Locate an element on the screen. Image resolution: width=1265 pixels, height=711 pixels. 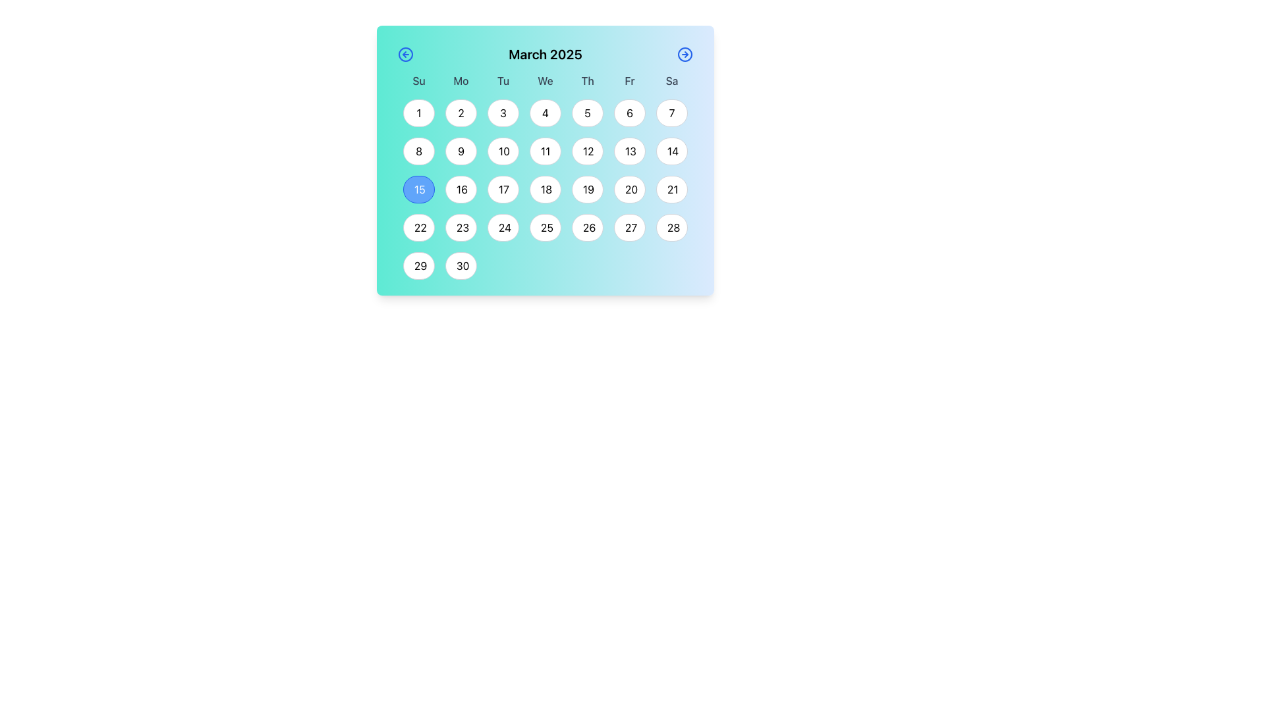
the date selection button located in the seventh column of the fourth row of the calendar grid for a visual effect is located at coordinates (671, 190).